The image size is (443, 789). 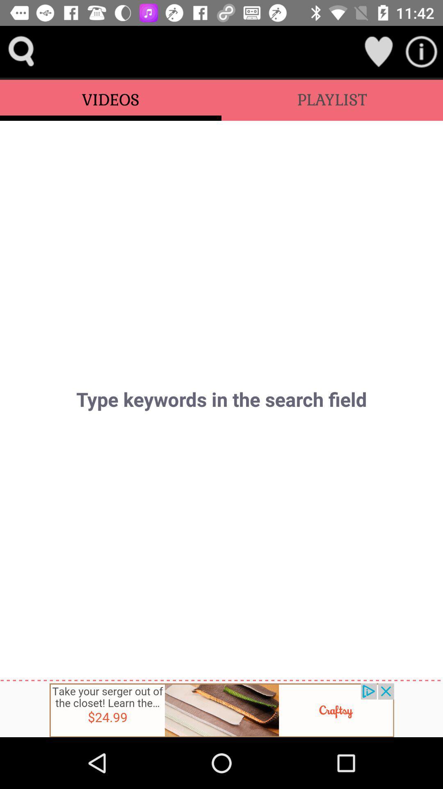 I want to click on information, so click(x=421, y=51).